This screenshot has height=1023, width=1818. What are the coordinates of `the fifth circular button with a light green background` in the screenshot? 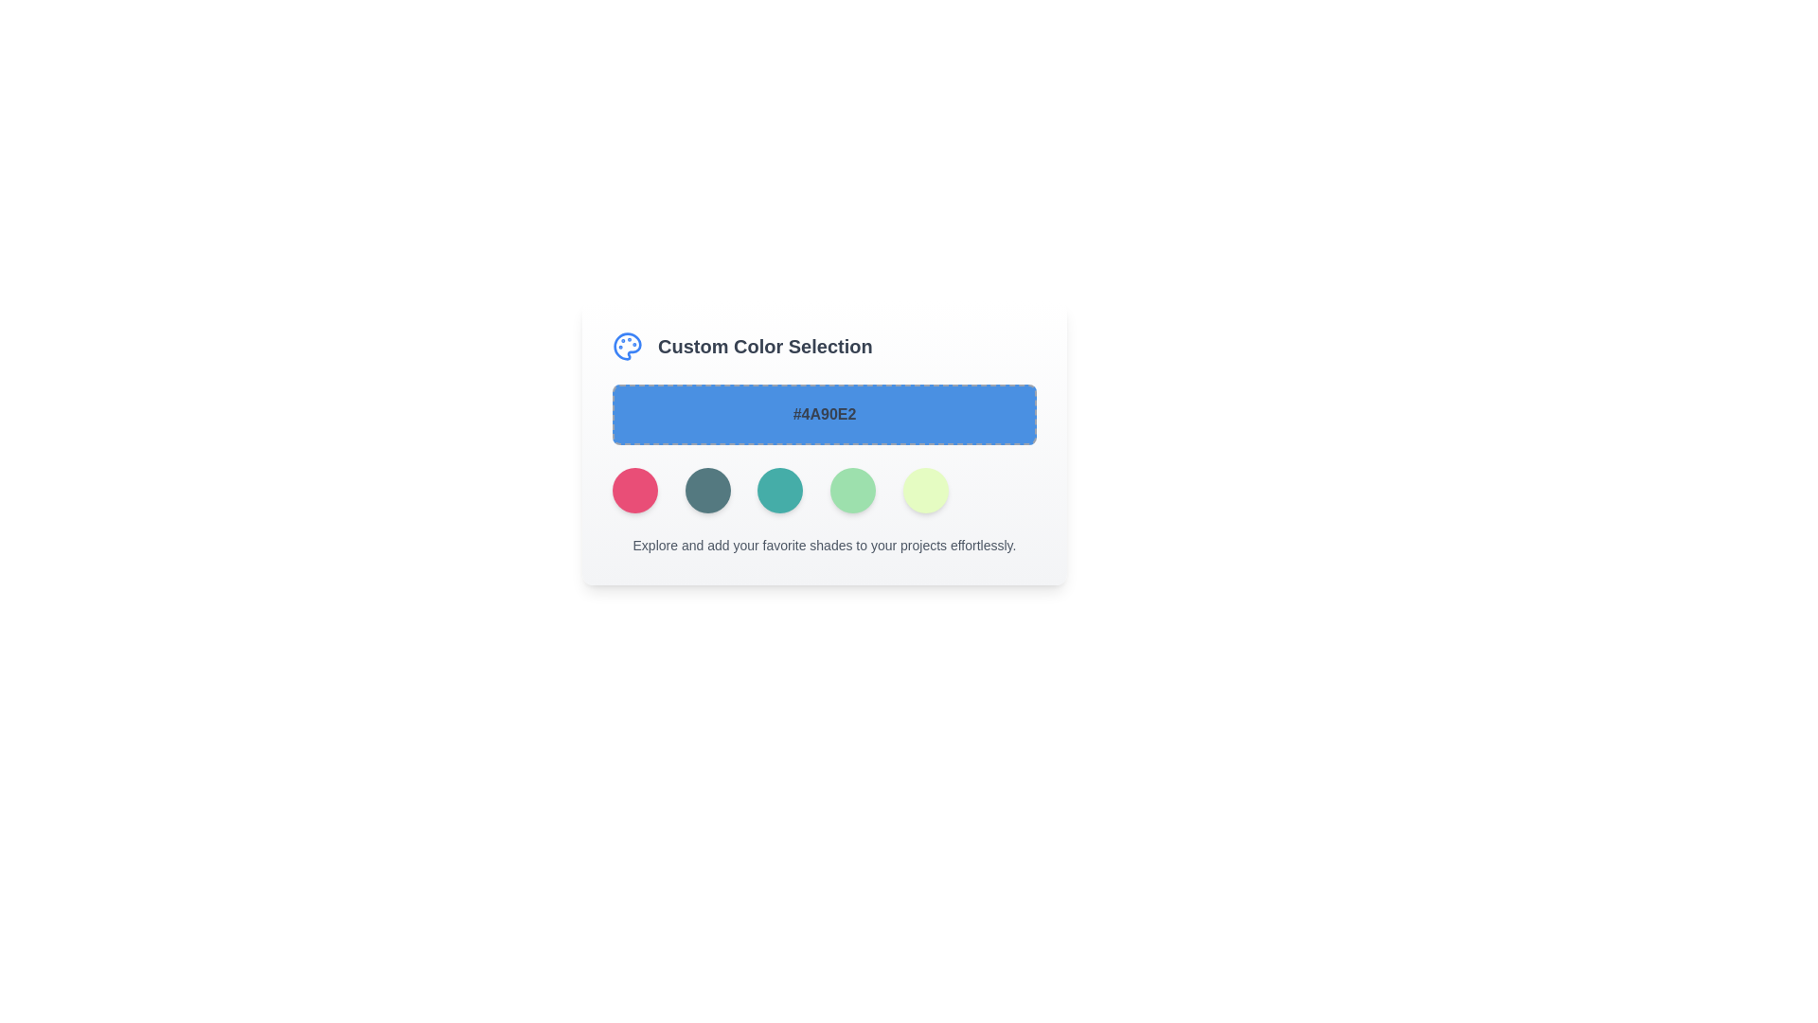 It's located at (925, 489).